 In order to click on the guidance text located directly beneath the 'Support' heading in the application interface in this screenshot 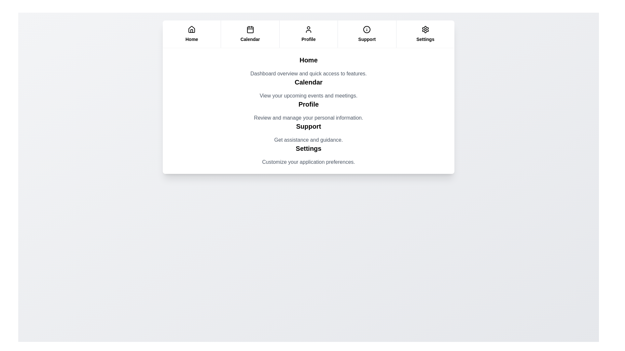, I will do `click(308, 140)`.